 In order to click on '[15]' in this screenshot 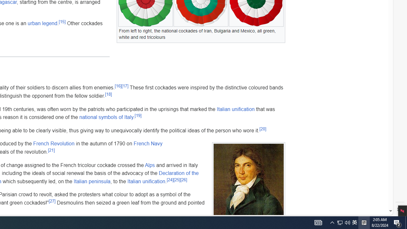, I will do `click(62, 22)`.